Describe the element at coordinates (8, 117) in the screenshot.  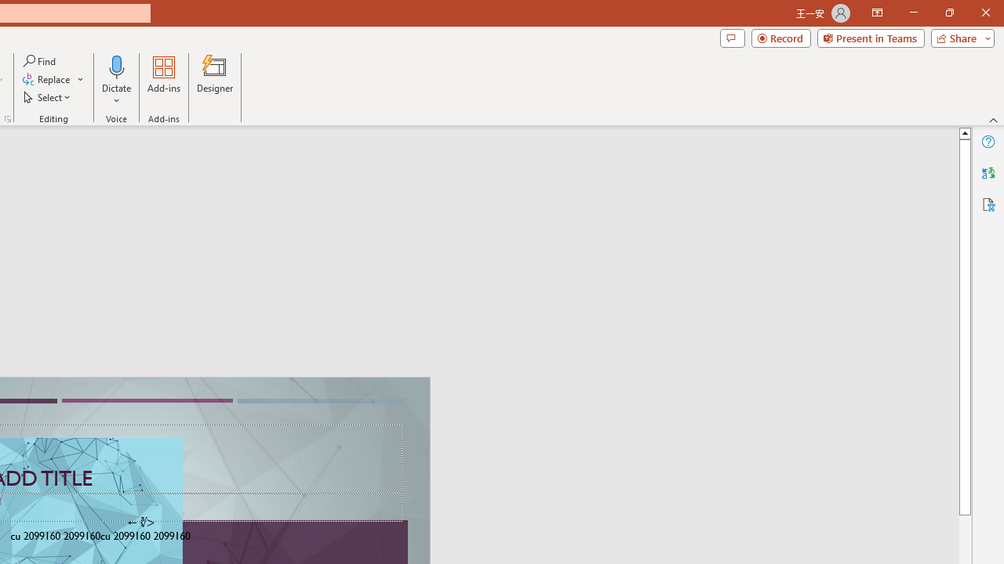
I see `'Format Object...'` at that location.